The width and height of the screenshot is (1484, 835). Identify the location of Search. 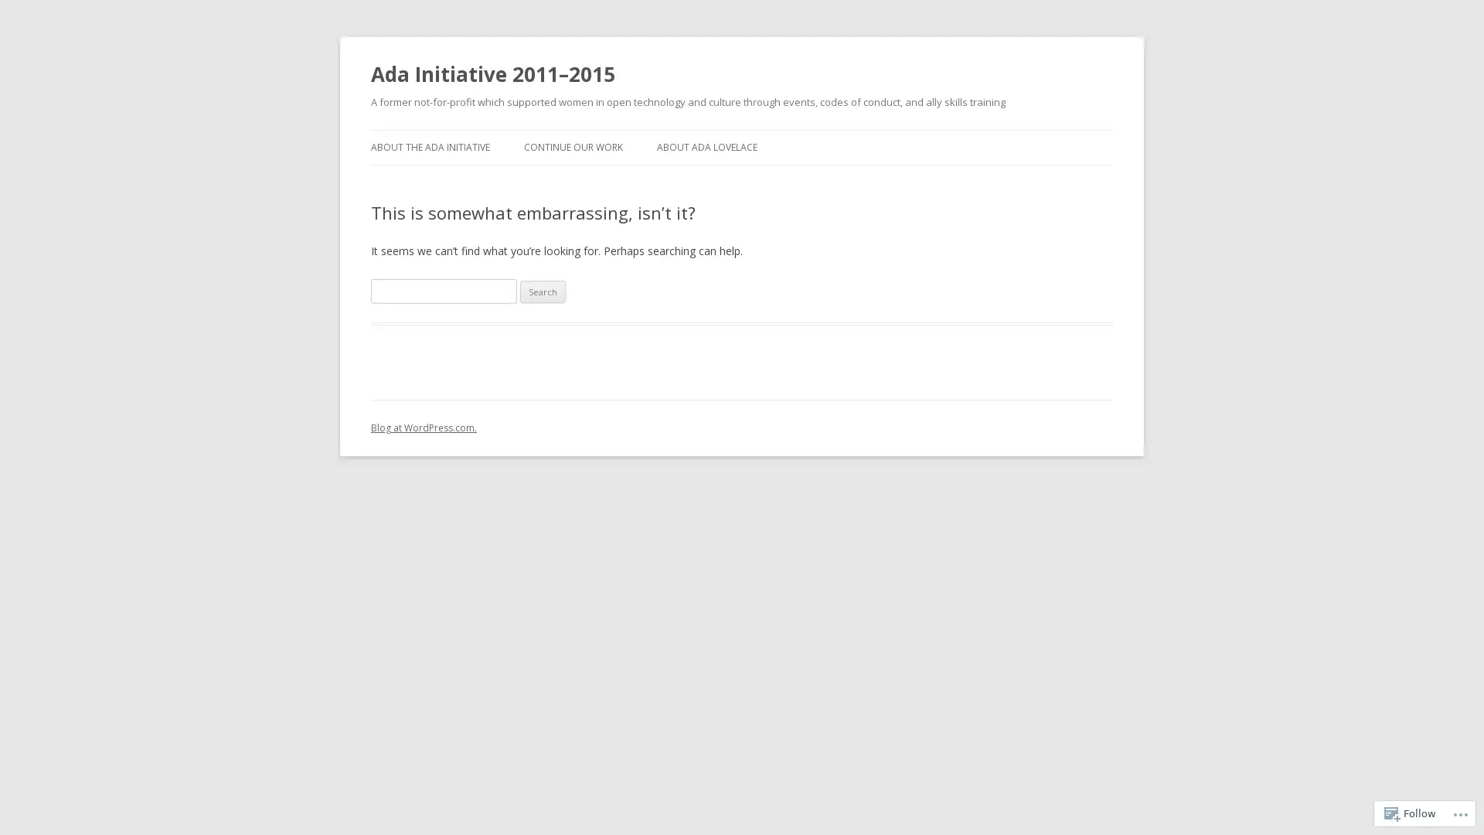
(543, 291).